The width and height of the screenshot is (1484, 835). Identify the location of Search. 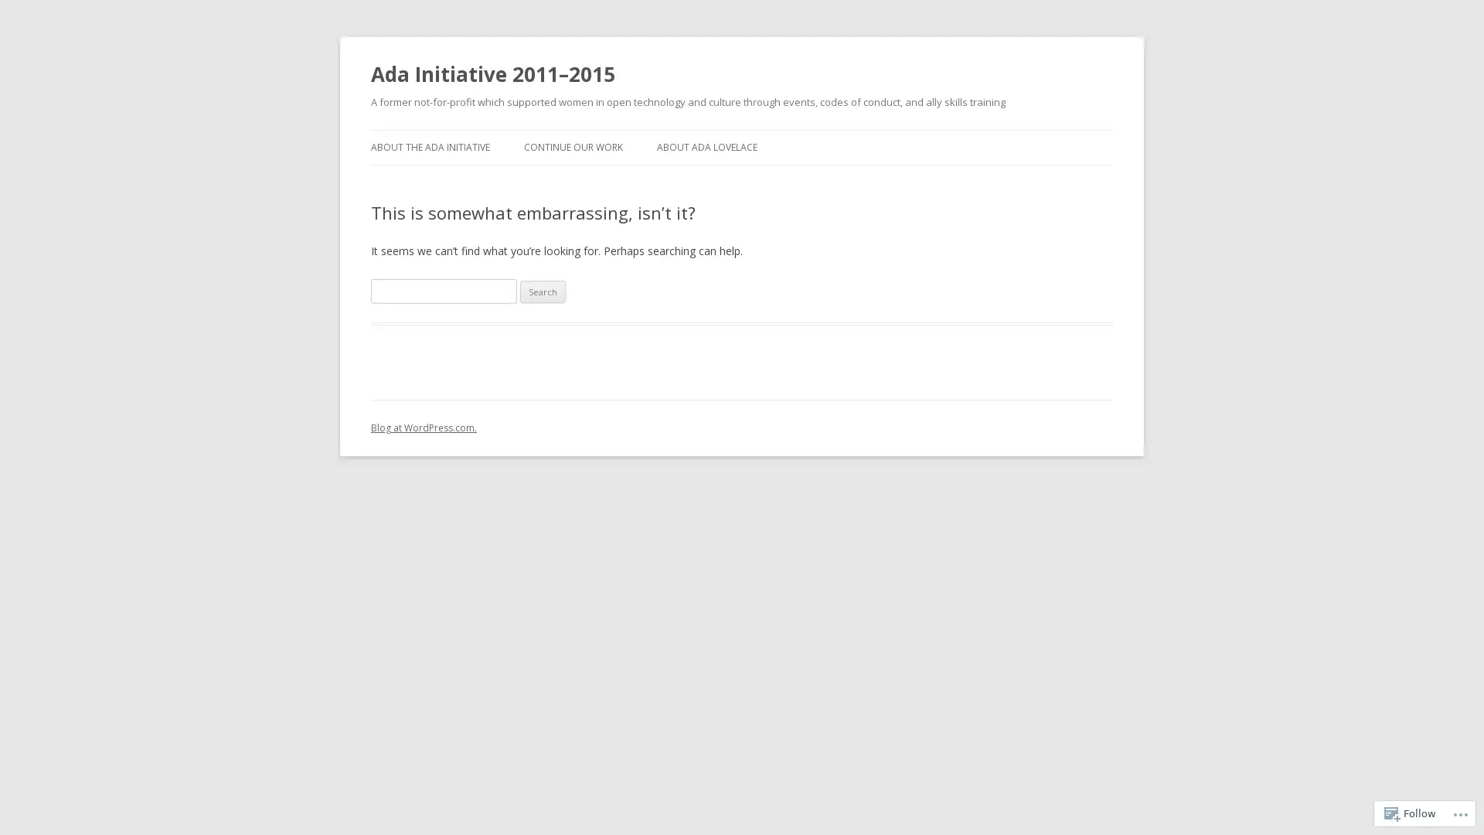
(543, 291).